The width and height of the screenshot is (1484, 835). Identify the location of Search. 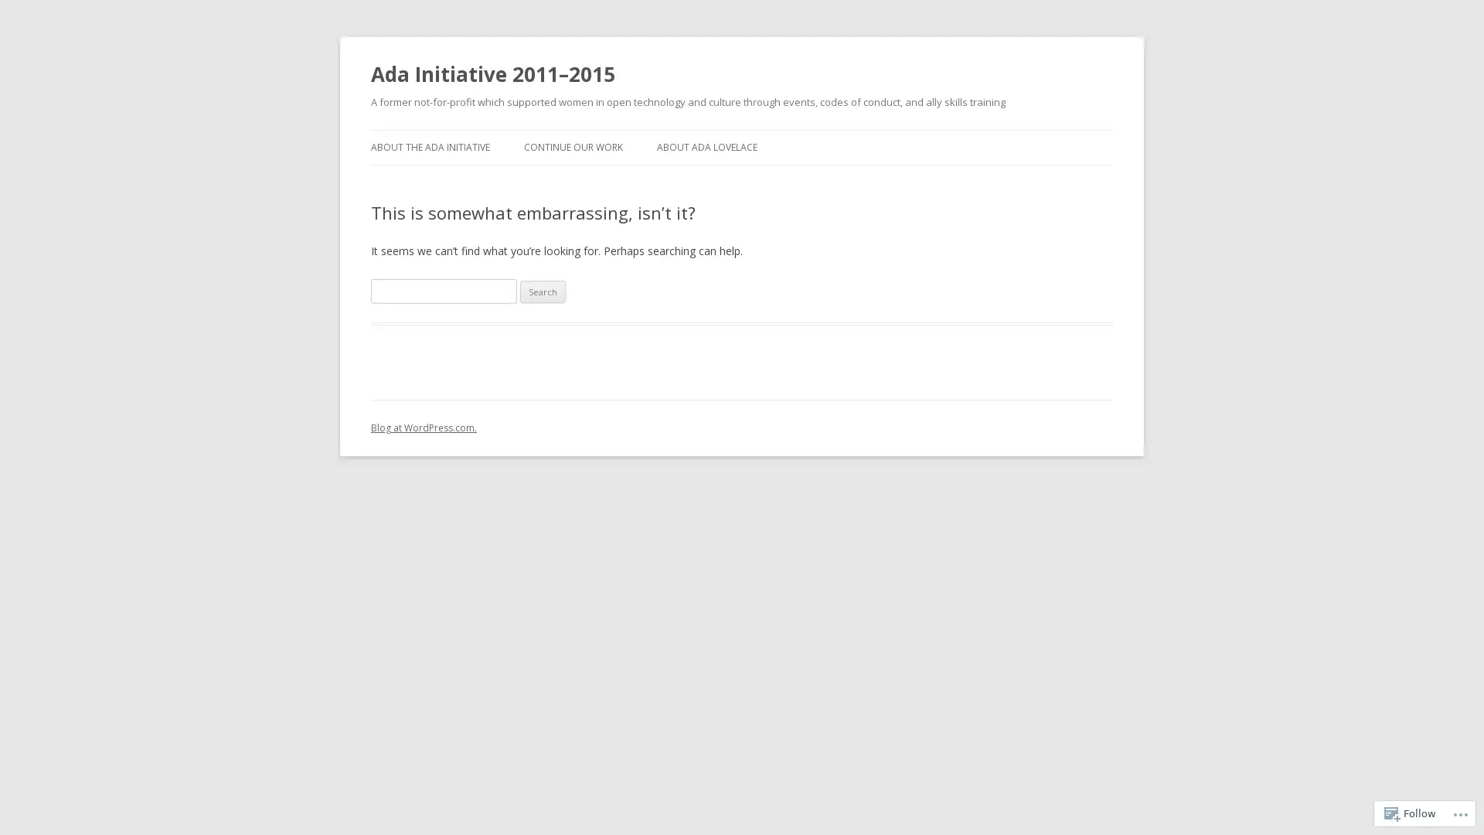
(543, 291).